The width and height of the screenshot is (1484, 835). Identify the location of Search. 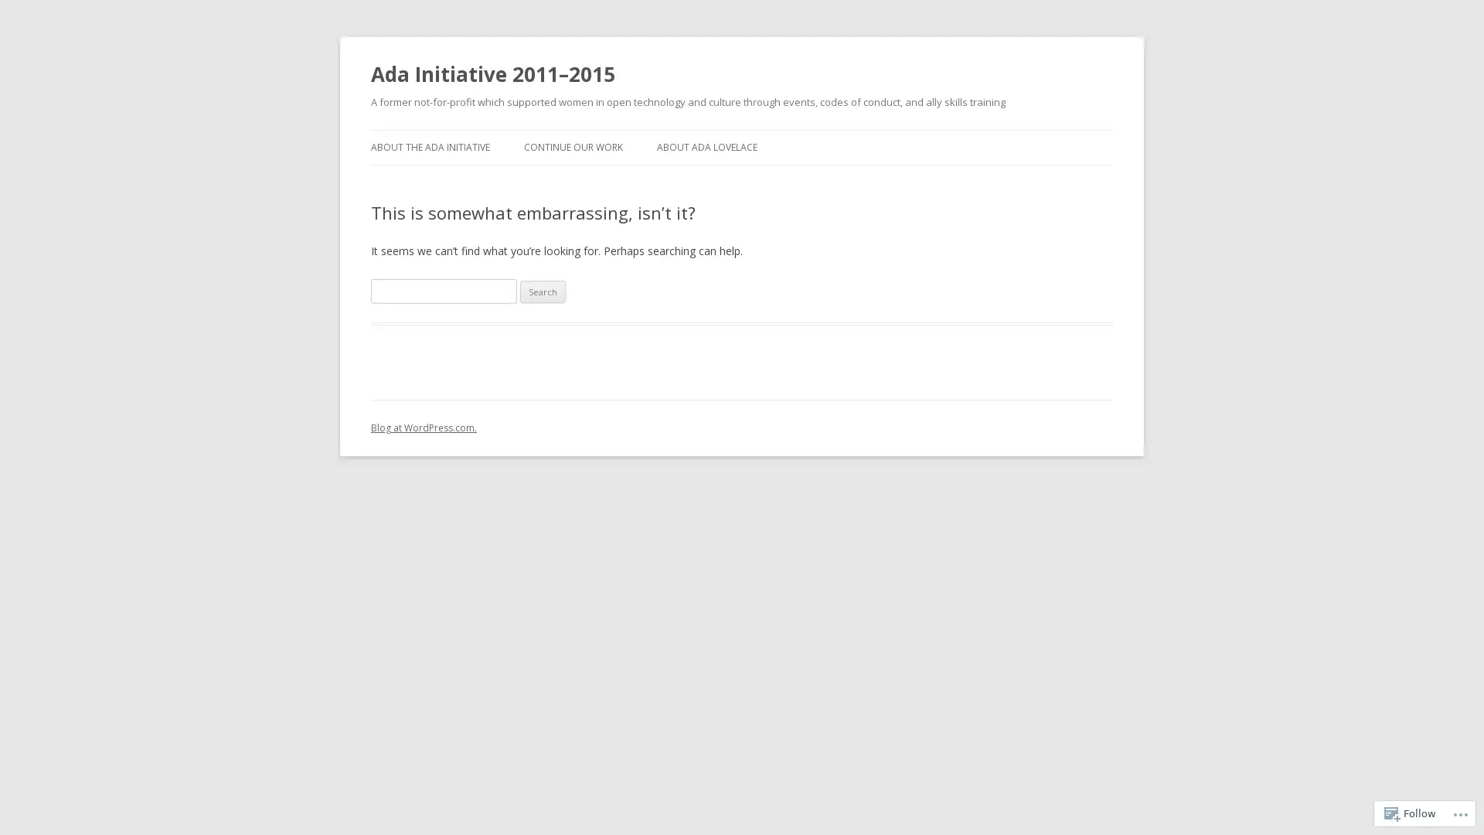
(543, 291).